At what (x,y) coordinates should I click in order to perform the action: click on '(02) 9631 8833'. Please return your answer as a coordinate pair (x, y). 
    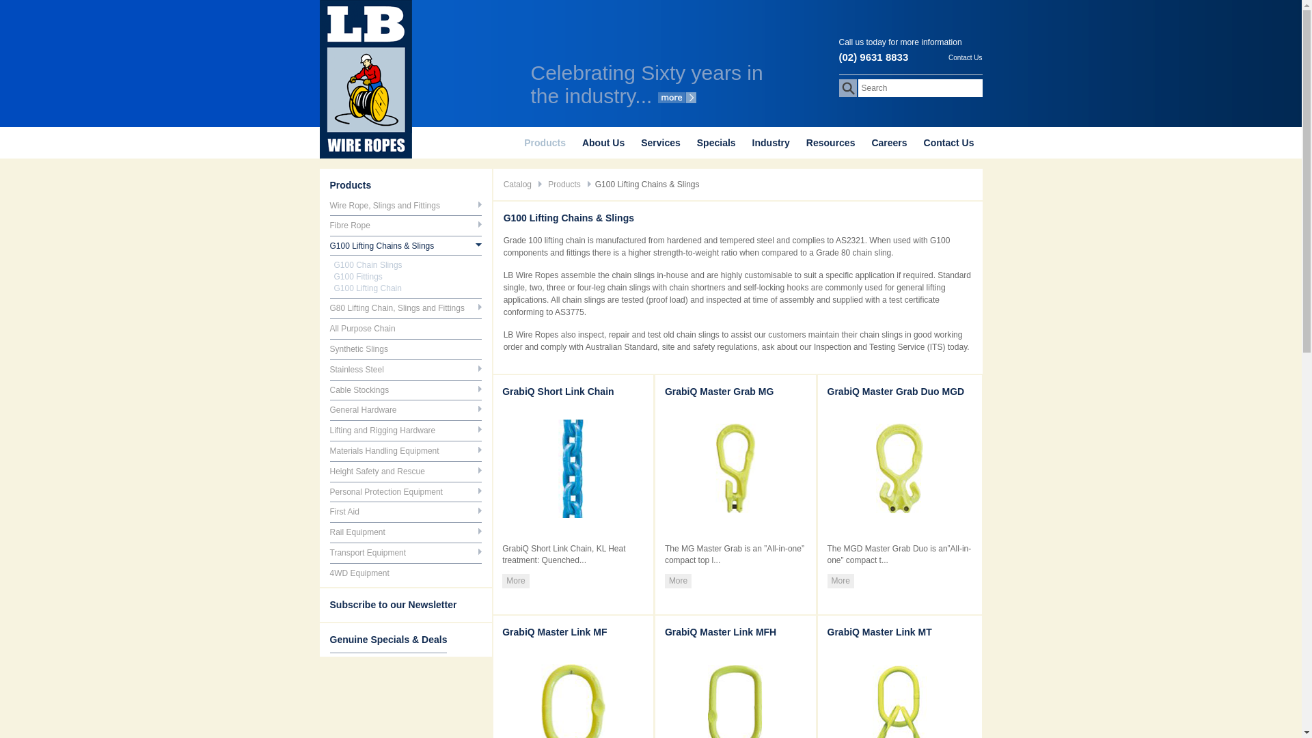
    Looking at the image, I should click on (838, 56).